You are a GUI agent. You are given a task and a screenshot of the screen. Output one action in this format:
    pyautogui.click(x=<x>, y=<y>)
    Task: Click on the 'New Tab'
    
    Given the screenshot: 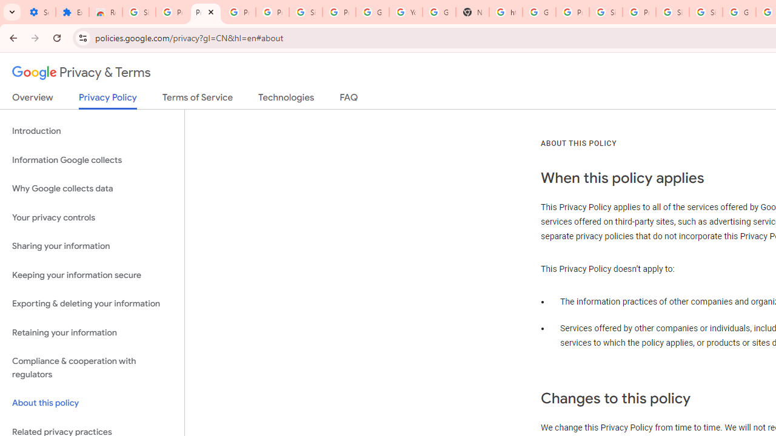 What is the action you would take?
    pyautogui.click(x=472, y=12)
    